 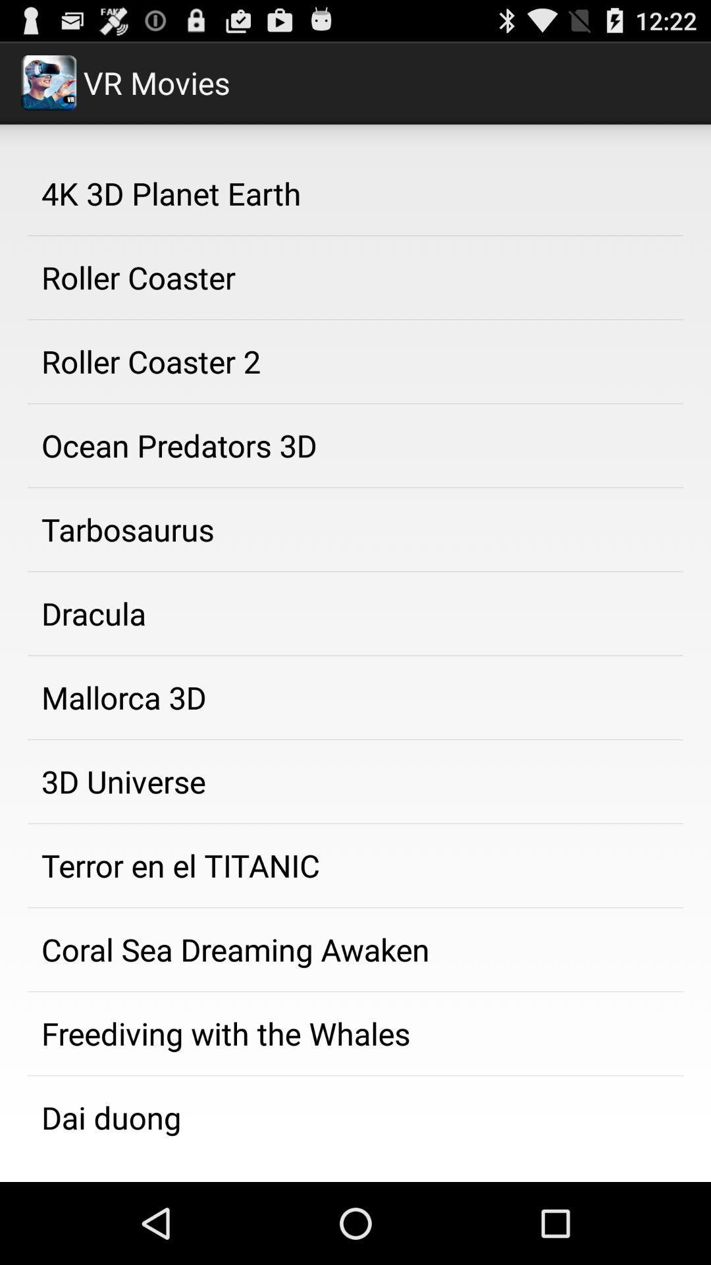 What do you see at coordinates (355, 613) in the screenshot?
I see `the icon above mallorca 3d` at bounding box center [355, 613].